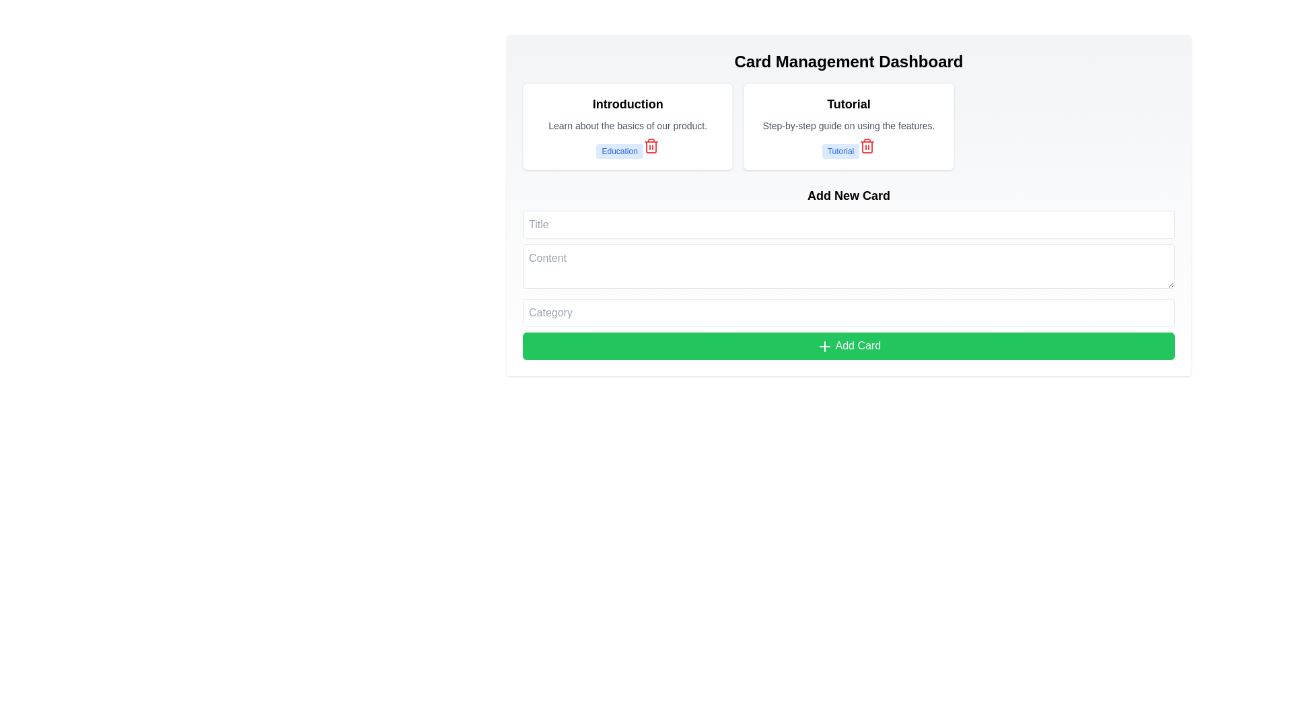  What do you see at coordinates (651, 147) in the screenshot?
I see `the vertical graphical line of the trash bin icon, which is located on the right side of the 'Introduction' card in the dashboard` at bounding box center [651, 147].